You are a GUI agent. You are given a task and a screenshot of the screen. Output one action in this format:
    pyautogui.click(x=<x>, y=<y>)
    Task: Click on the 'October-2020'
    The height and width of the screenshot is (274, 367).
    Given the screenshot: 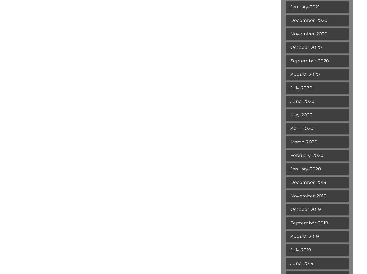 What is the action you would take?
    pyautogui.click(x=306, y=47)
    